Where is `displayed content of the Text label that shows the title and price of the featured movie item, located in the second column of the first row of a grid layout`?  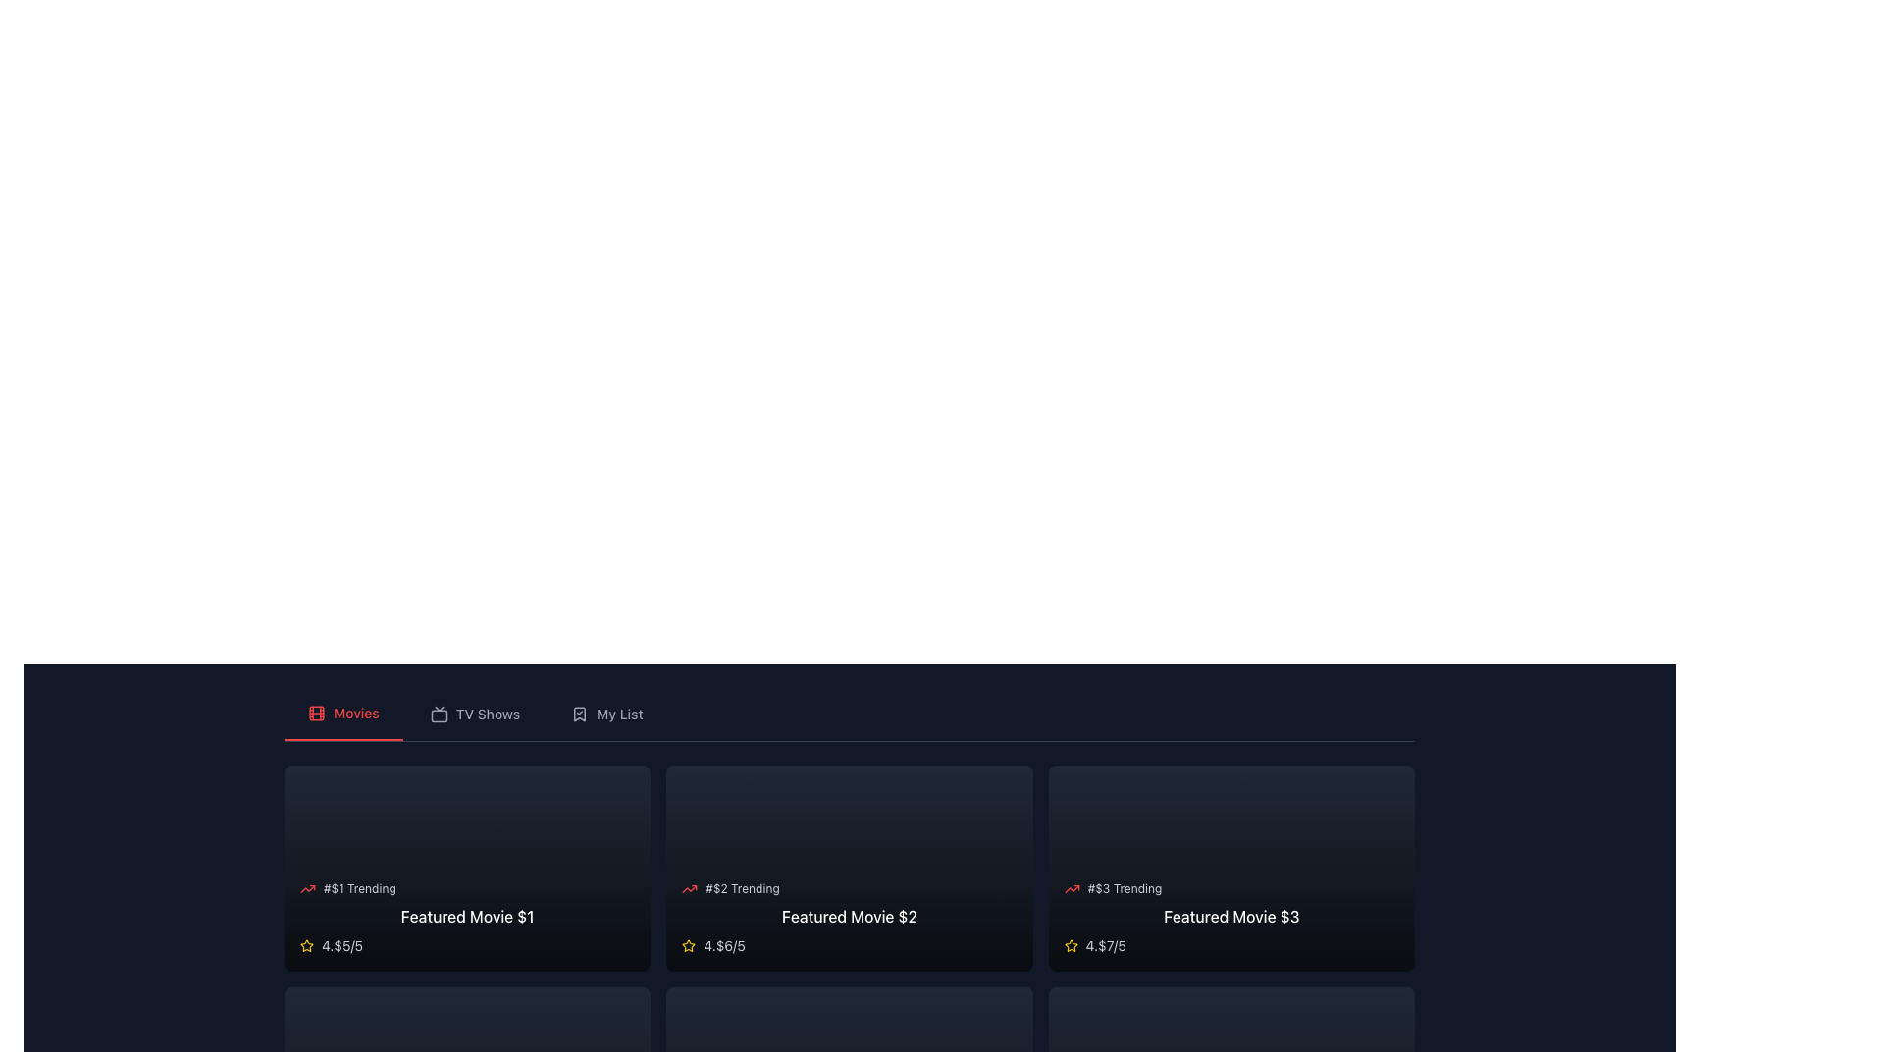 displayed content of the Text label that shows the title and price of the featured movie item, located in the second column of the first row of a grid layout is located at coordinates (849, 916).